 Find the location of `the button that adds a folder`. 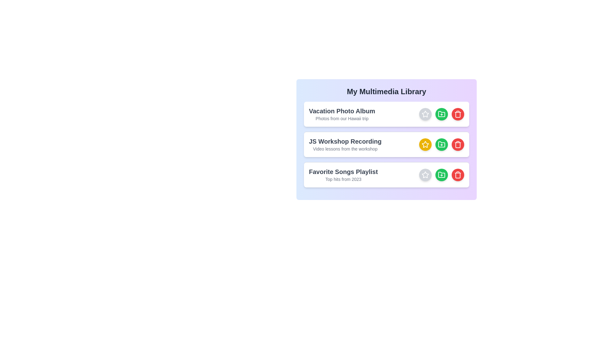

the button that adds a folder is located at coordinates (441, 145).